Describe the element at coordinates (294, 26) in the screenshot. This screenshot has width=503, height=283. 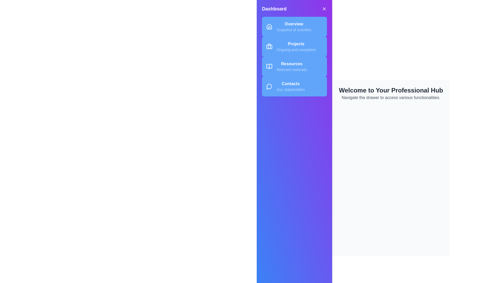
I see `the menu item labeled Overview to navigate to its section` at that location.